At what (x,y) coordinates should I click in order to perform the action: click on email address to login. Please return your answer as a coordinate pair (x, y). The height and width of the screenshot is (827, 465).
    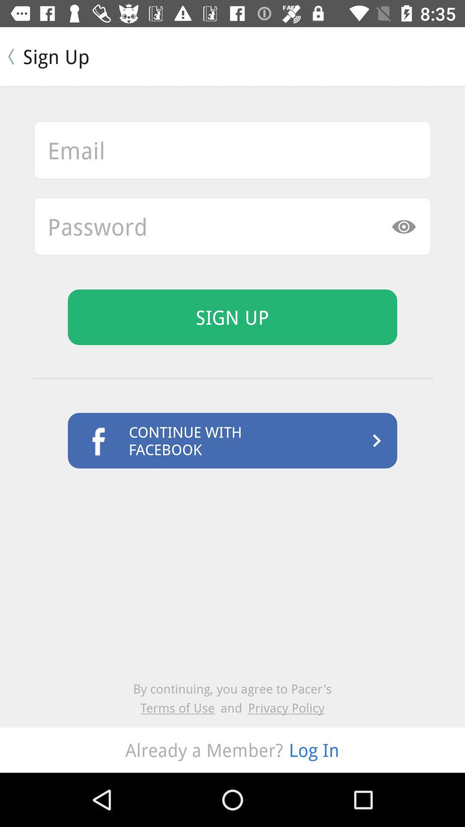
    Looking at the image, I should click on (232, 150).